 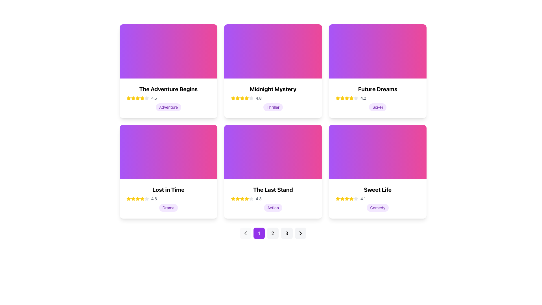 What do you see at coordinates (251, 199) in the screenshot?
I see `the fifth rating star icon for the card titled 'The Last Stand', which is unselected and has a gray fill and outline, located in the second row, second column of the grid layout` at bounding box center [251, 199].